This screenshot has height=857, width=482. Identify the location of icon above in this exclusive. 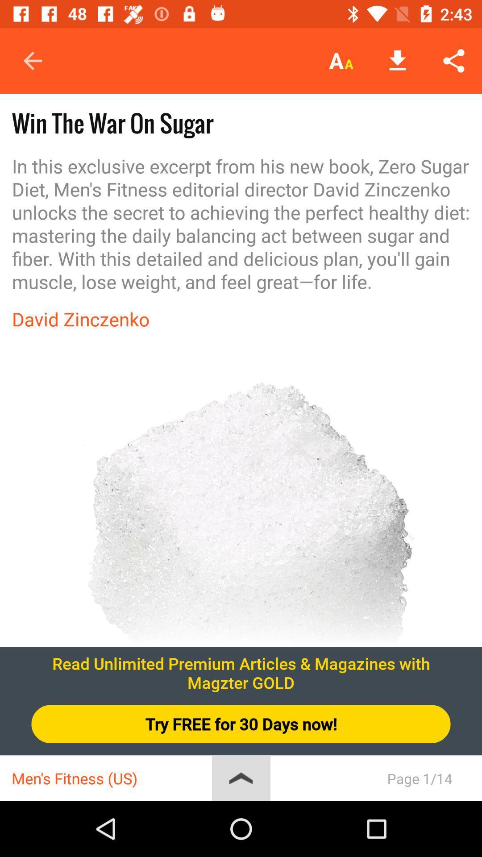
(341, 60).